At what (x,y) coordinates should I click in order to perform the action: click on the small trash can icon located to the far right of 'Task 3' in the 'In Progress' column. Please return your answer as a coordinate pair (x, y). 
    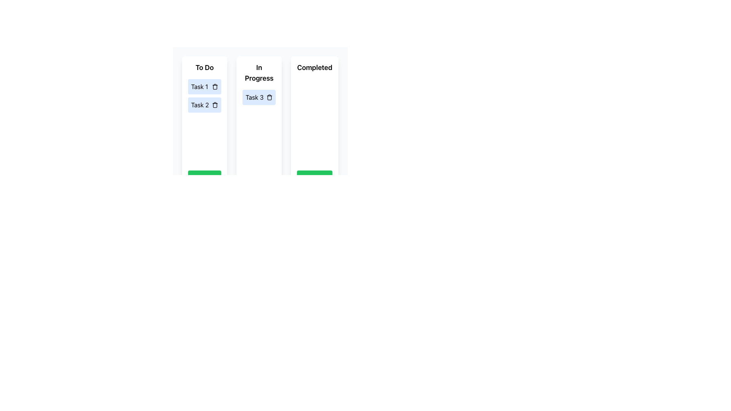
    Looking at the image, I should click on (270, 97).